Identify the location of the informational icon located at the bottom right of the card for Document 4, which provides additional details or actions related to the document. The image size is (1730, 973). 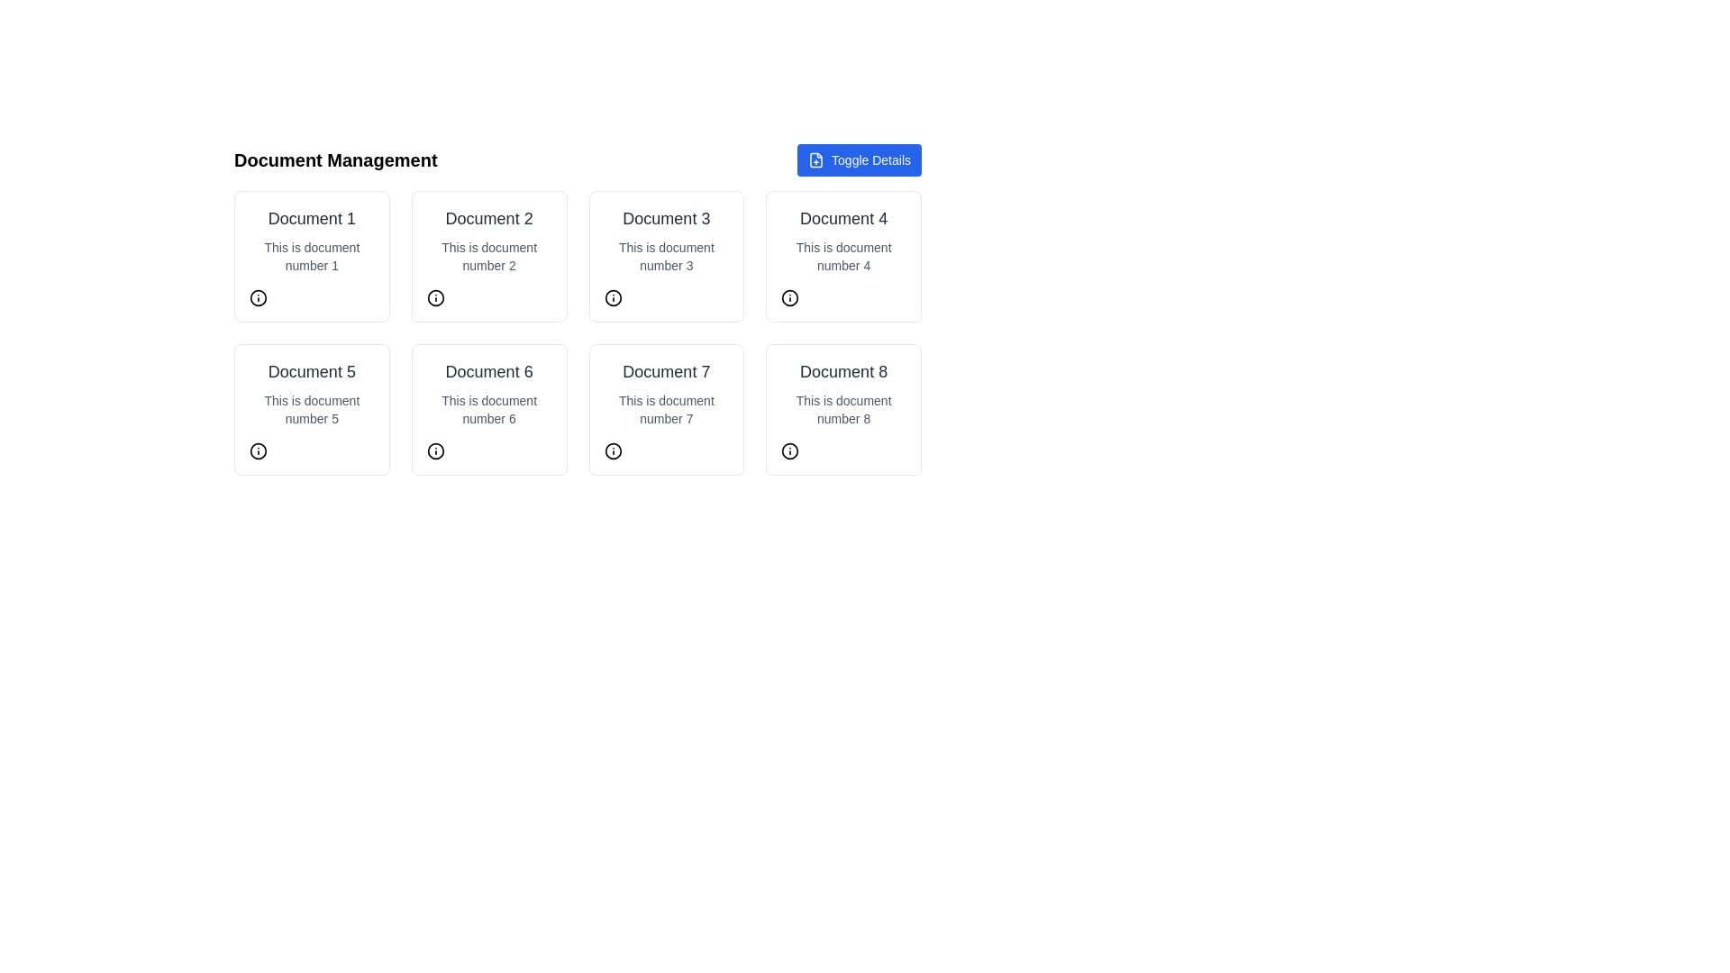
(790, 297).